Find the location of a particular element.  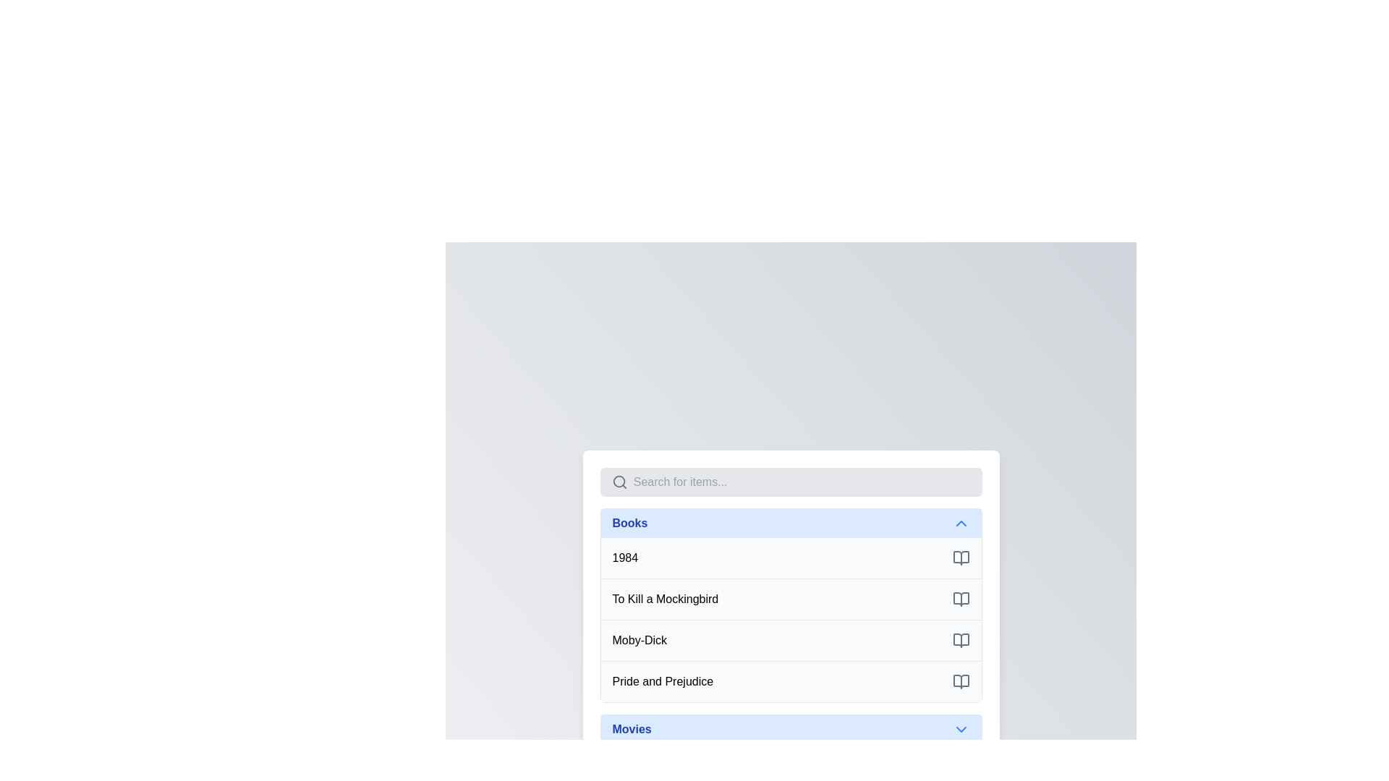

the button represented by an open book icon, located at the far right of the row labeled 'To Kill a Mockingbird' is located at coordinates (961, 599).